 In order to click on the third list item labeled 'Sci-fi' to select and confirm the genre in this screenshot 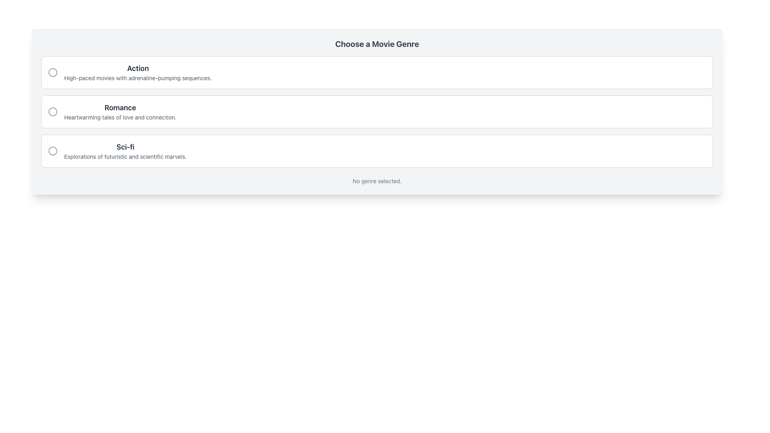, I will do `click(125, 151)`.